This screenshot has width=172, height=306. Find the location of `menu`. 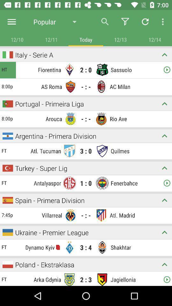

menu is located at coordinates (164, 232).